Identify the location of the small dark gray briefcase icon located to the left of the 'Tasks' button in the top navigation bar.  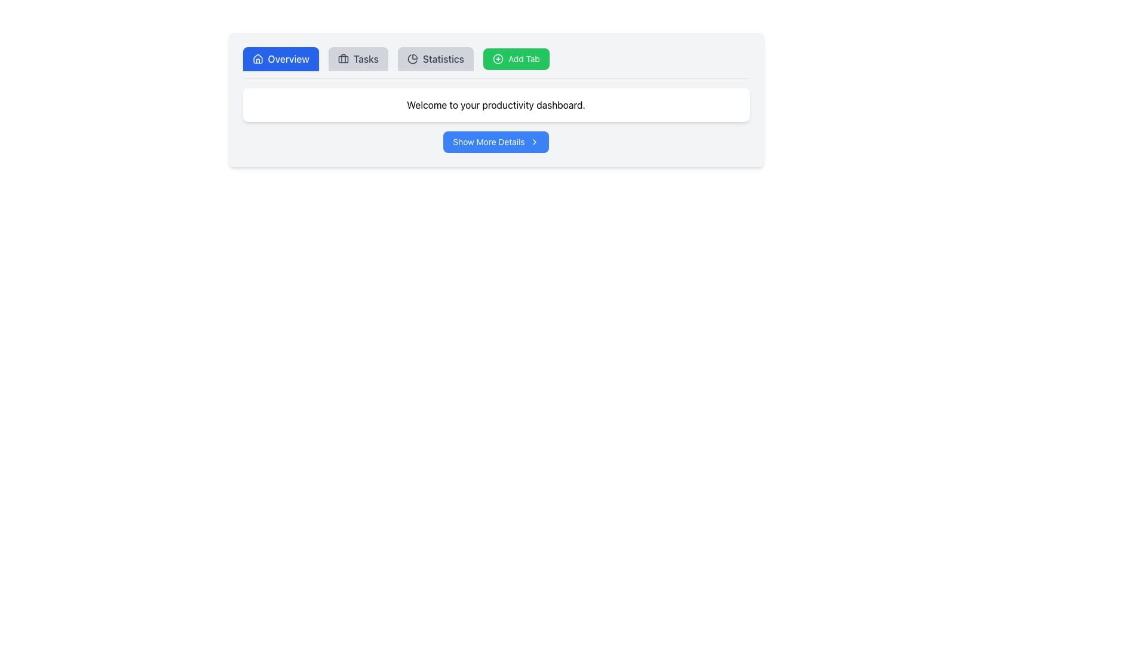
(342, 59).